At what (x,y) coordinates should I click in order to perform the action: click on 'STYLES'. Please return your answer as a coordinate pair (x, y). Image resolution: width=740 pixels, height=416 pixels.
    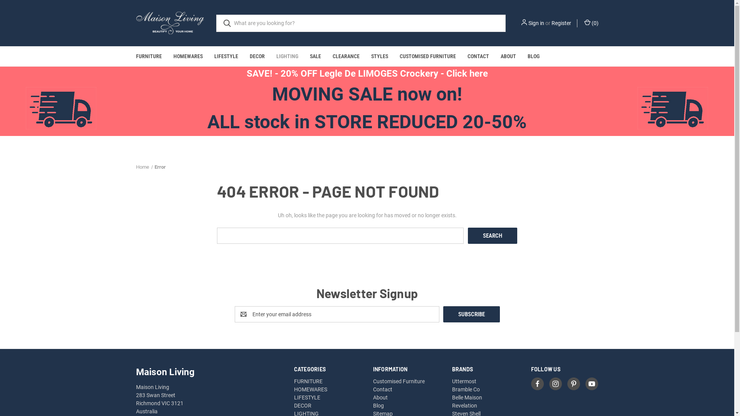
    Looking at the image, I should click on (365, 56).